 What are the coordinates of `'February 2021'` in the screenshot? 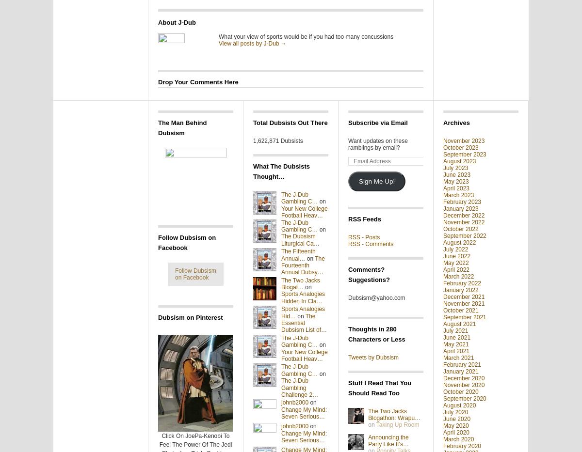 It's located at (462, 364).